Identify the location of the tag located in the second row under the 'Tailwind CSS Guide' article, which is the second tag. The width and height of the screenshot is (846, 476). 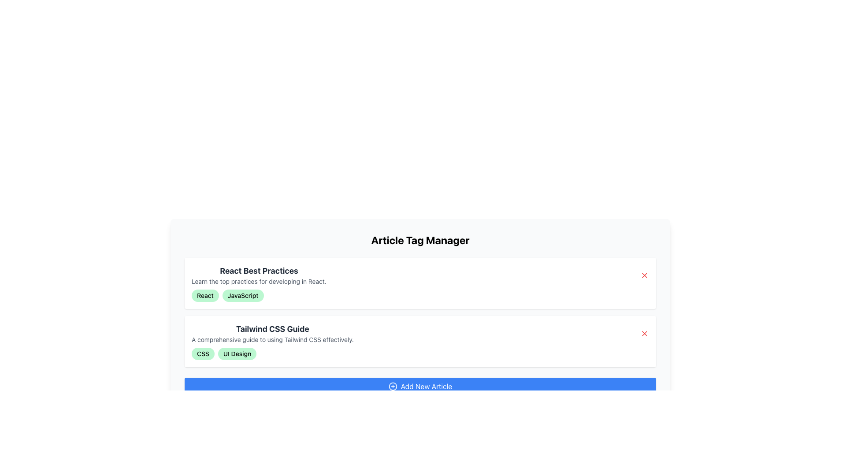
(237, 353).